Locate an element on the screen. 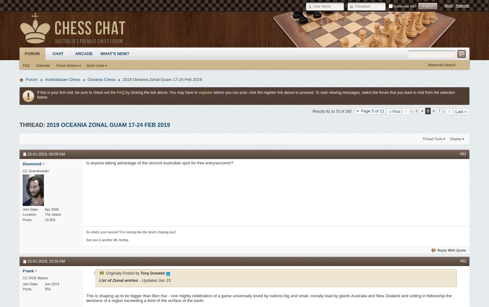  'CC Grandmaster' is located at coordinates (36, 170).